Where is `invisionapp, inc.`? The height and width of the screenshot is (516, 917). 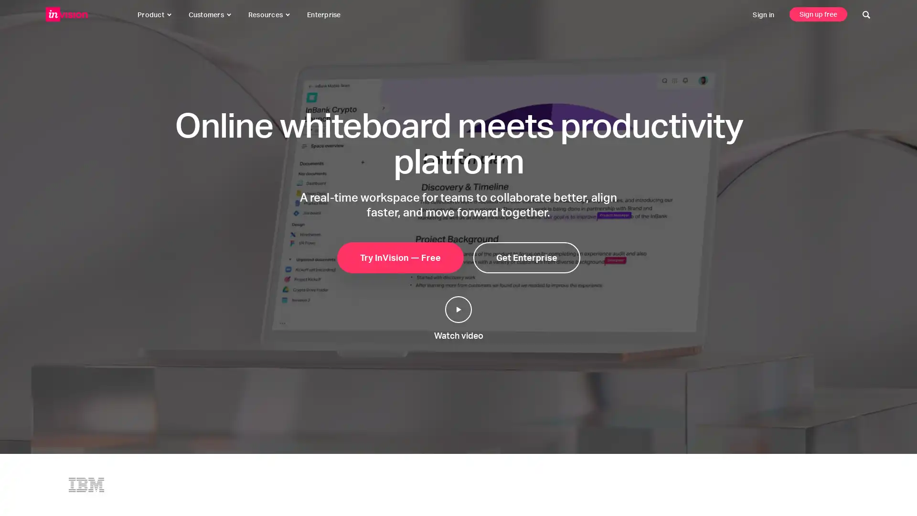 invisionapp, inc. is located at coordinates (66, 14).